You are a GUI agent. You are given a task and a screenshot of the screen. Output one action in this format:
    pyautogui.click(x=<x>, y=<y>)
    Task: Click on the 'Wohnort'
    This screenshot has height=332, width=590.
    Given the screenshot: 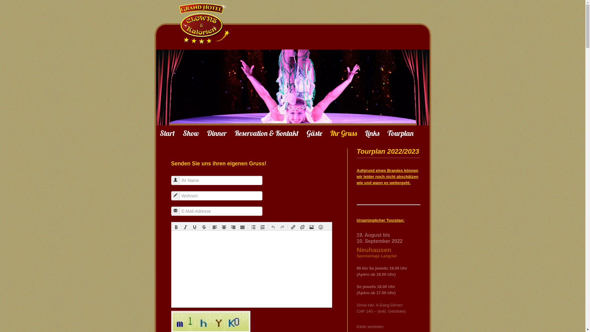 What is the action you would take?
    pyautogui.click(x=175, y=195)
    